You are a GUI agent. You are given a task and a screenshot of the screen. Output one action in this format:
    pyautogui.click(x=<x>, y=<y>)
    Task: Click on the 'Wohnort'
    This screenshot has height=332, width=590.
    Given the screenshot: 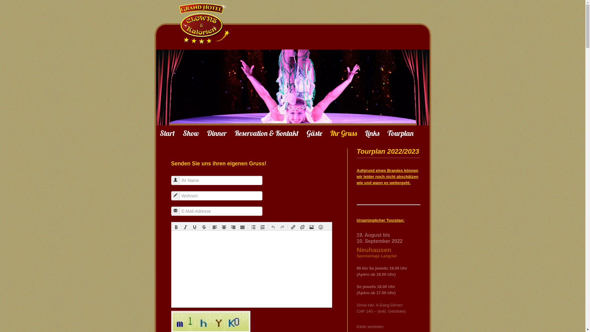 What is the action you would take?
    pyautogui.click(x=175, y=195)
    